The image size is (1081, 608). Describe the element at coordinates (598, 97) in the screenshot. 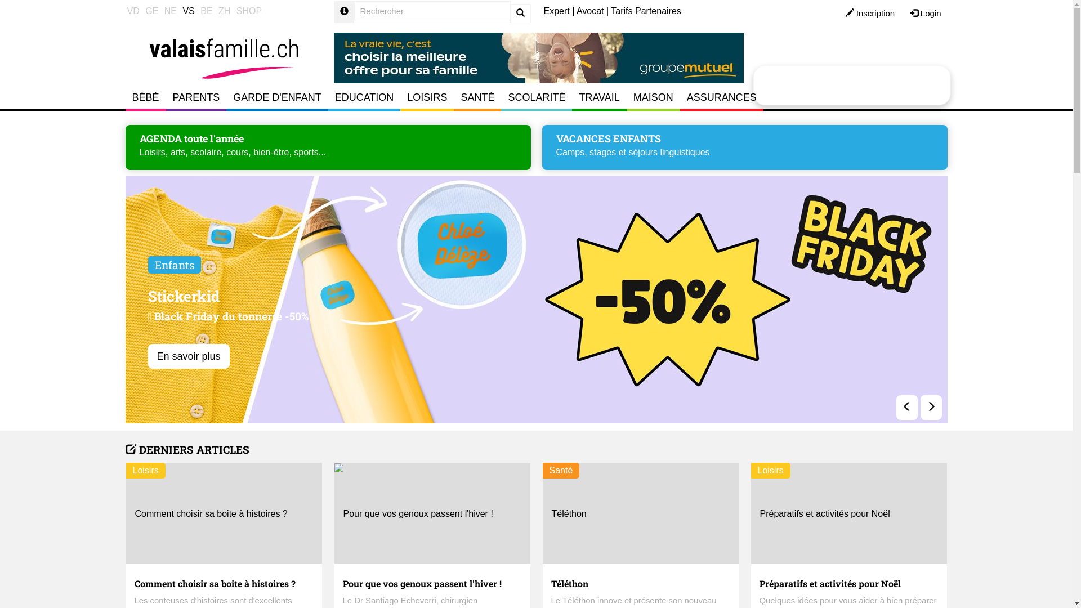

I see `'TRAVAIL'` at that location.